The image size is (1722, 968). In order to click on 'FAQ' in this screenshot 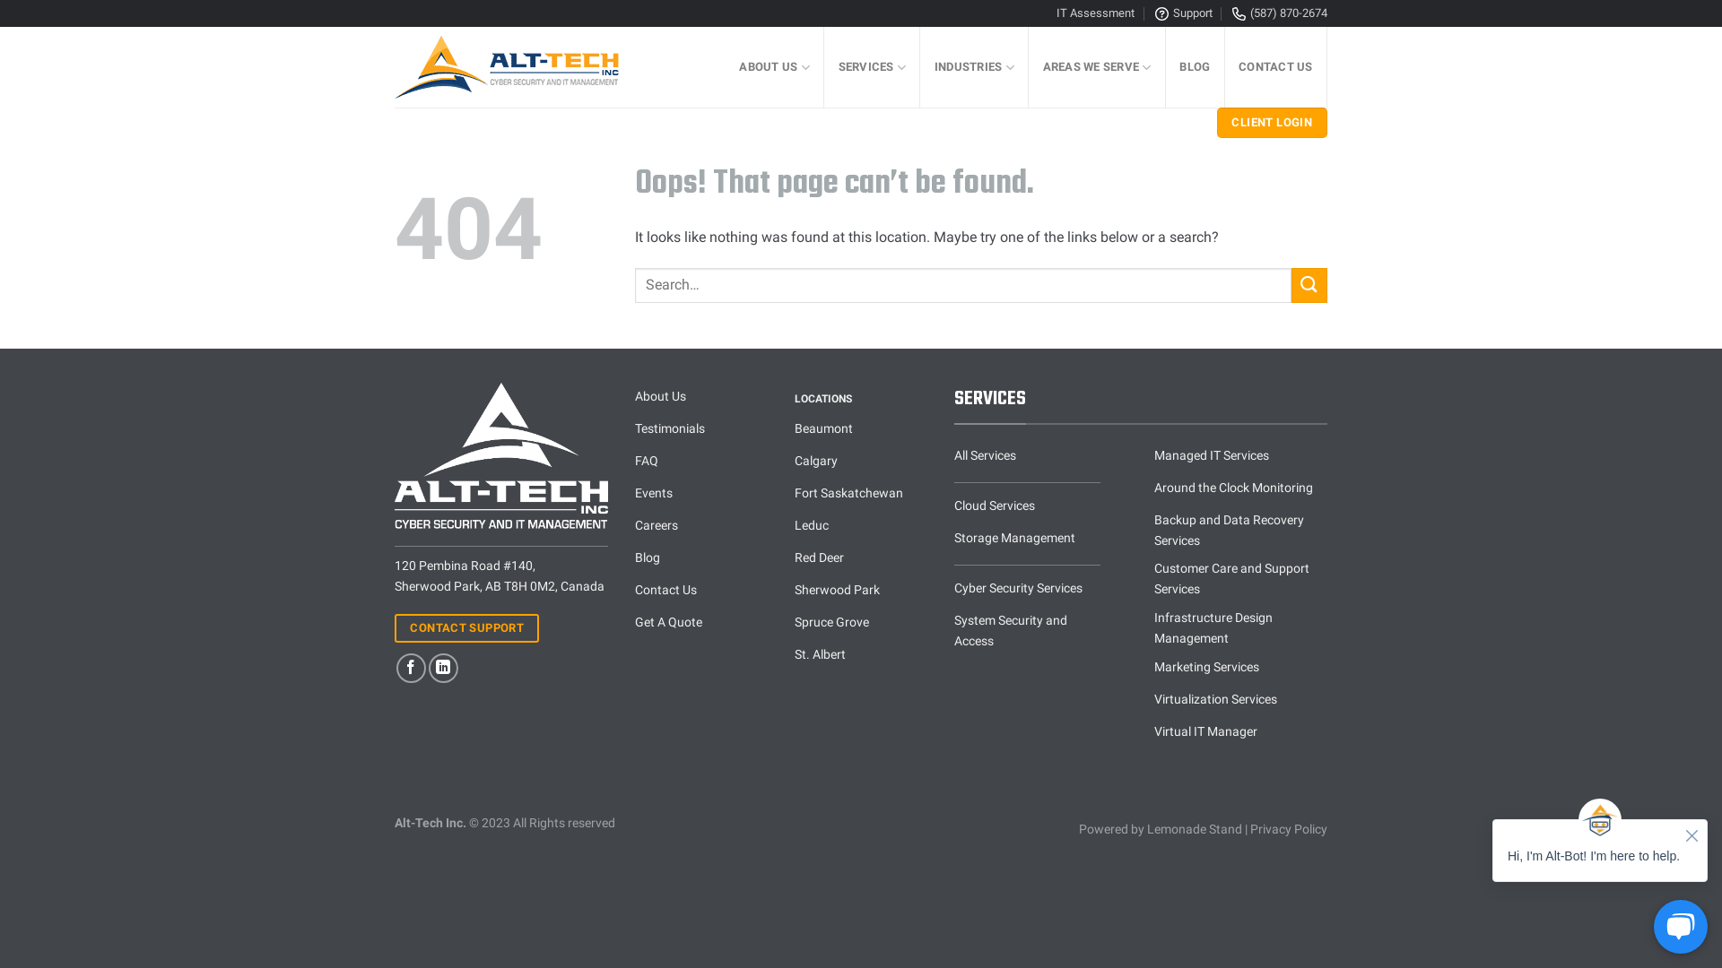, I will do `click(700, 462)`.